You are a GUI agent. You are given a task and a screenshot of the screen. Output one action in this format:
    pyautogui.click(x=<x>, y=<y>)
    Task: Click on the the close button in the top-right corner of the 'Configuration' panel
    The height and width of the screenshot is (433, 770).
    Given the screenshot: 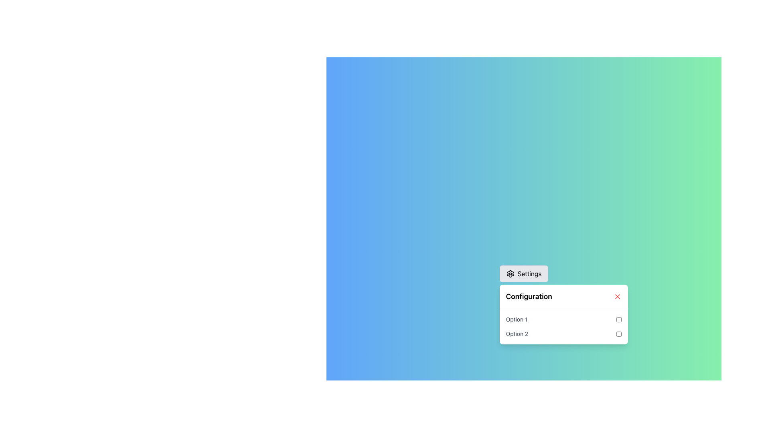 What is the action you would take?
    pyautogui.click(x=617, y=297)
    